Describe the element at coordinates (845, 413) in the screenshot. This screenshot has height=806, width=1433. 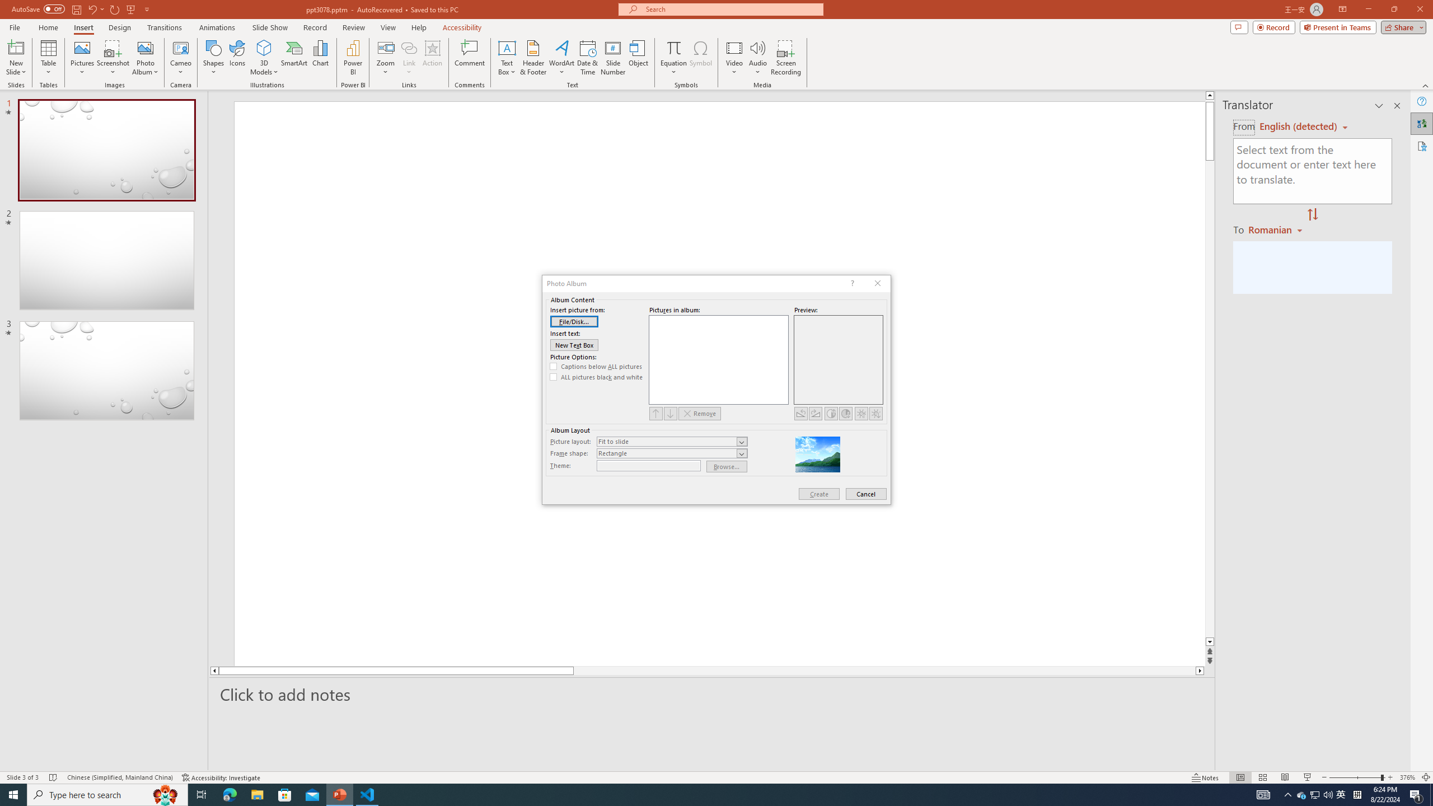
I see `'Less Contrast'` at that location.